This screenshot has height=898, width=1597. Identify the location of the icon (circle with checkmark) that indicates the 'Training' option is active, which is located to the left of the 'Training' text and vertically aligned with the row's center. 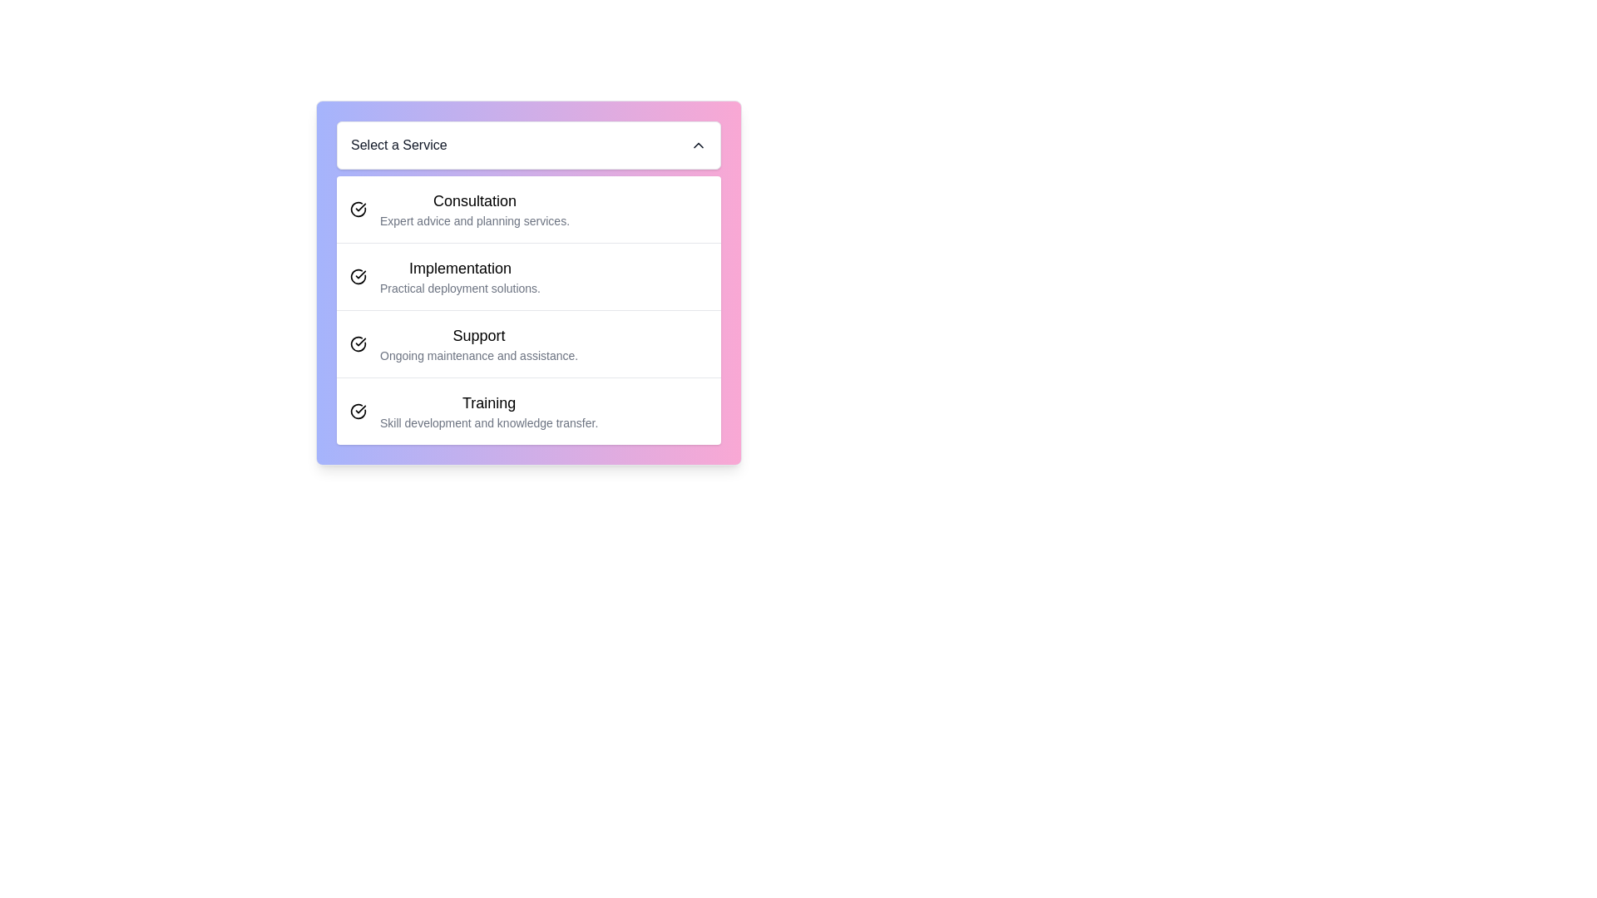
(358, 411).